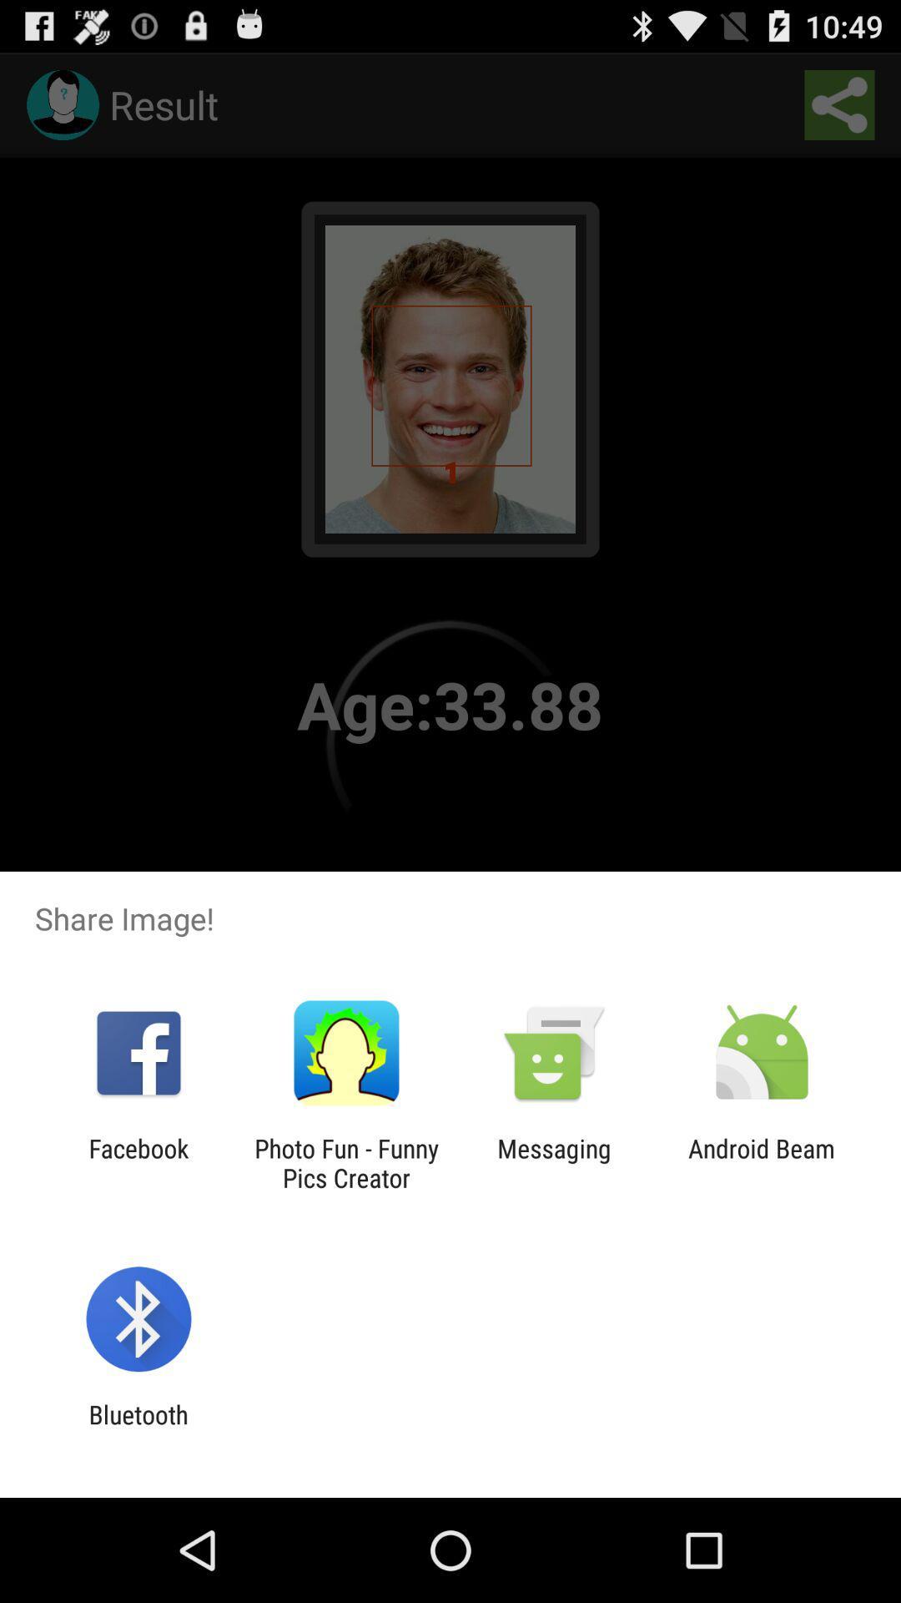  Describe the element at coordinates (345, 1162) in the screenshot. I see `photo fun funny` at that location.